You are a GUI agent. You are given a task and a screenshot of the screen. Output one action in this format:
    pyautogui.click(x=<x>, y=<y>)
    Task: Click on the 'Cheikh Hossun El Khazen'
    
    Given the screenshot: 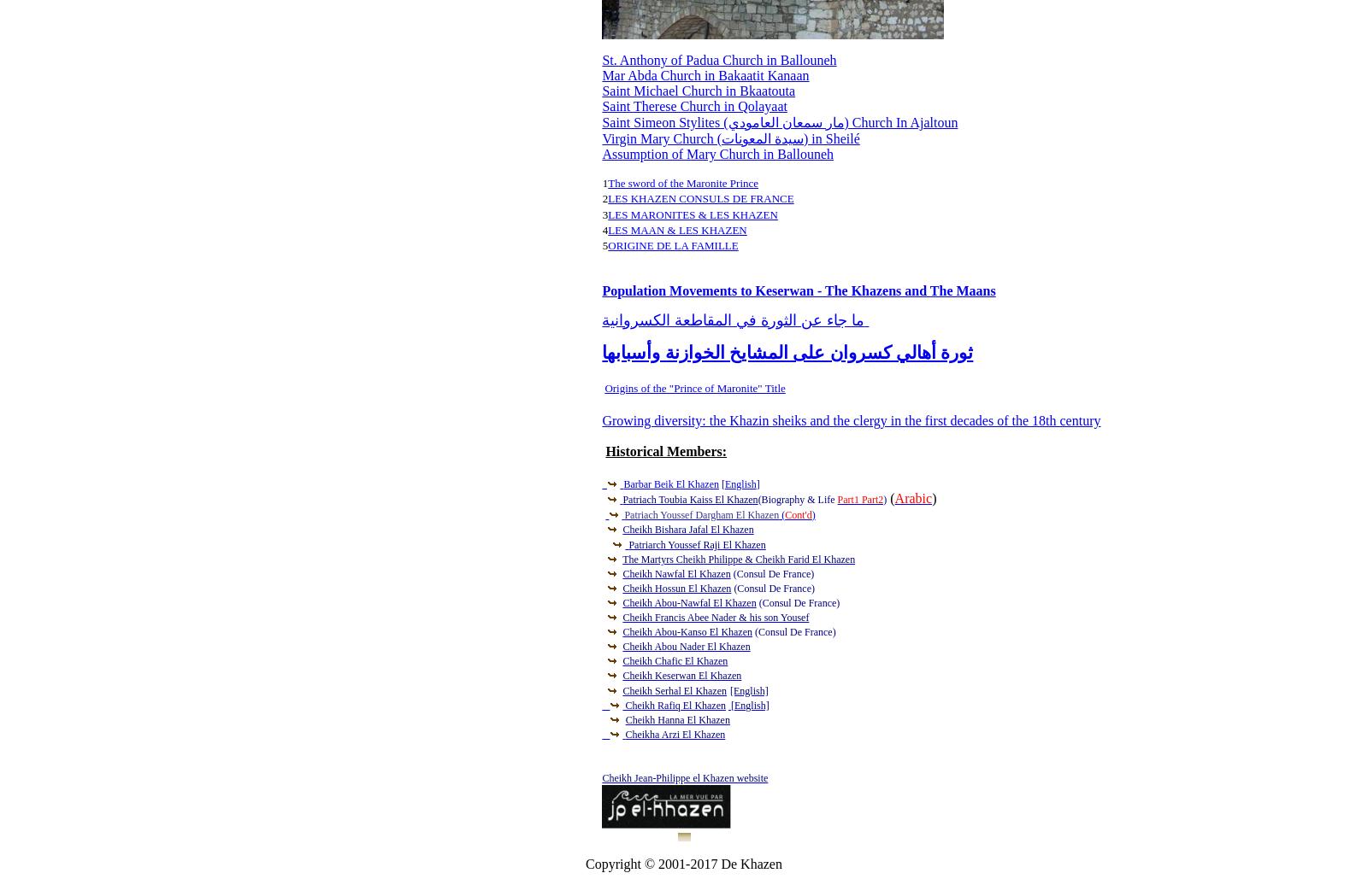 What is the action you would take?
    pyautogui.click(x=622, y=586)
    